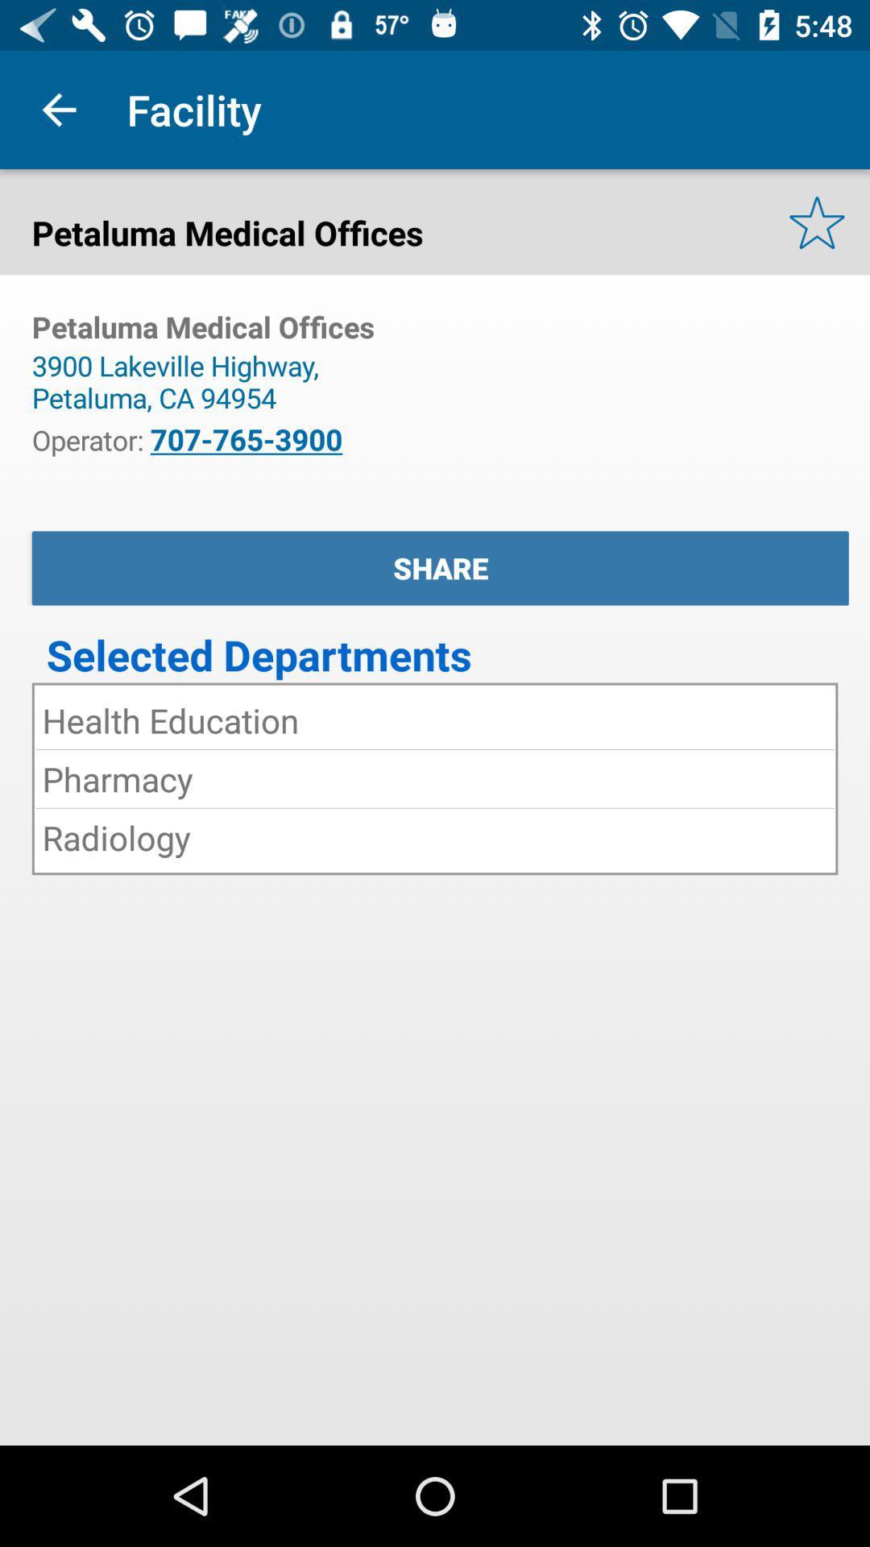  Describe the element at coordinates (182, 380) in the screenshot. I see `the 3900 lakeville highway` at that location.